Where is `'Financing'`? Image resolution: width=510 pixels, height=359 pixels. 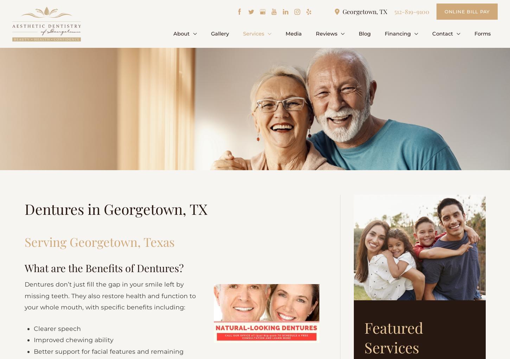 'Financing' is located at coordinates (403, 33).